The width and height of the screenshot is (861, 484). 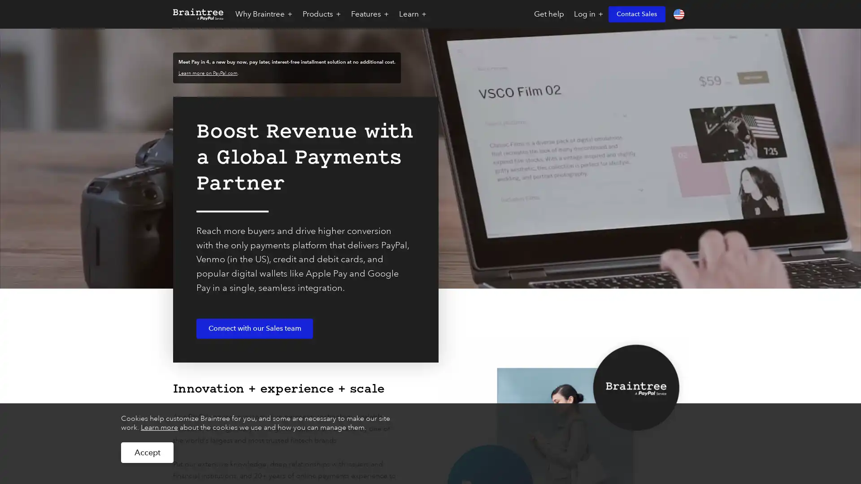 What do you see at coordinates (839, 361) in the screenshot?
I see `show more media controls` at bounding box center [839, 361].